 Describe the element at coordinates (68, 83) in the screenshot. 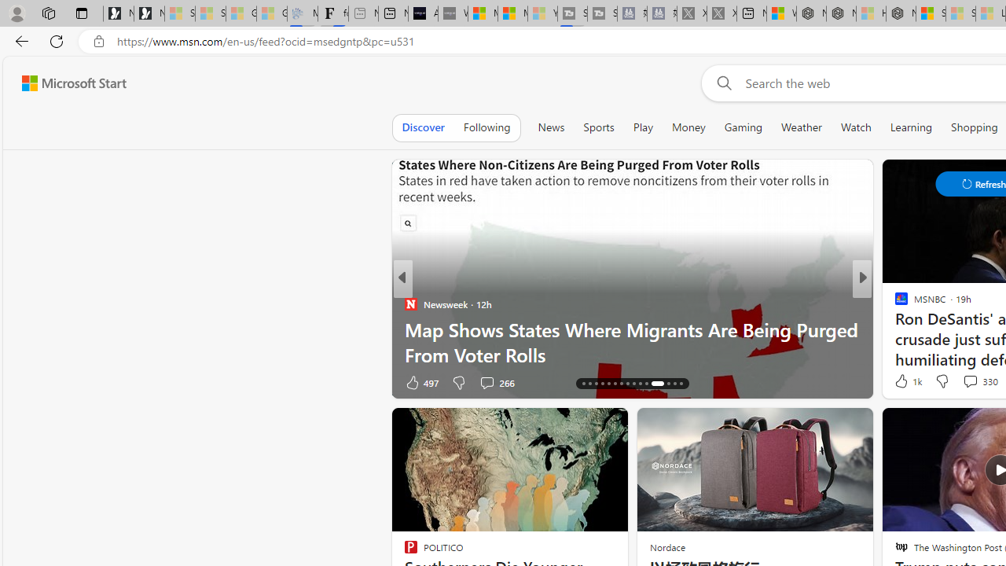

I see `'Skip to content'` at that location.